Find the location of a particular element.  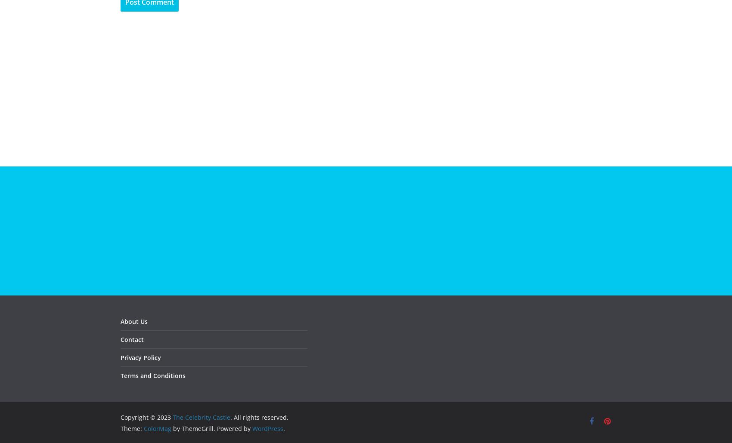

'.' is located at coordinates (284, 428).